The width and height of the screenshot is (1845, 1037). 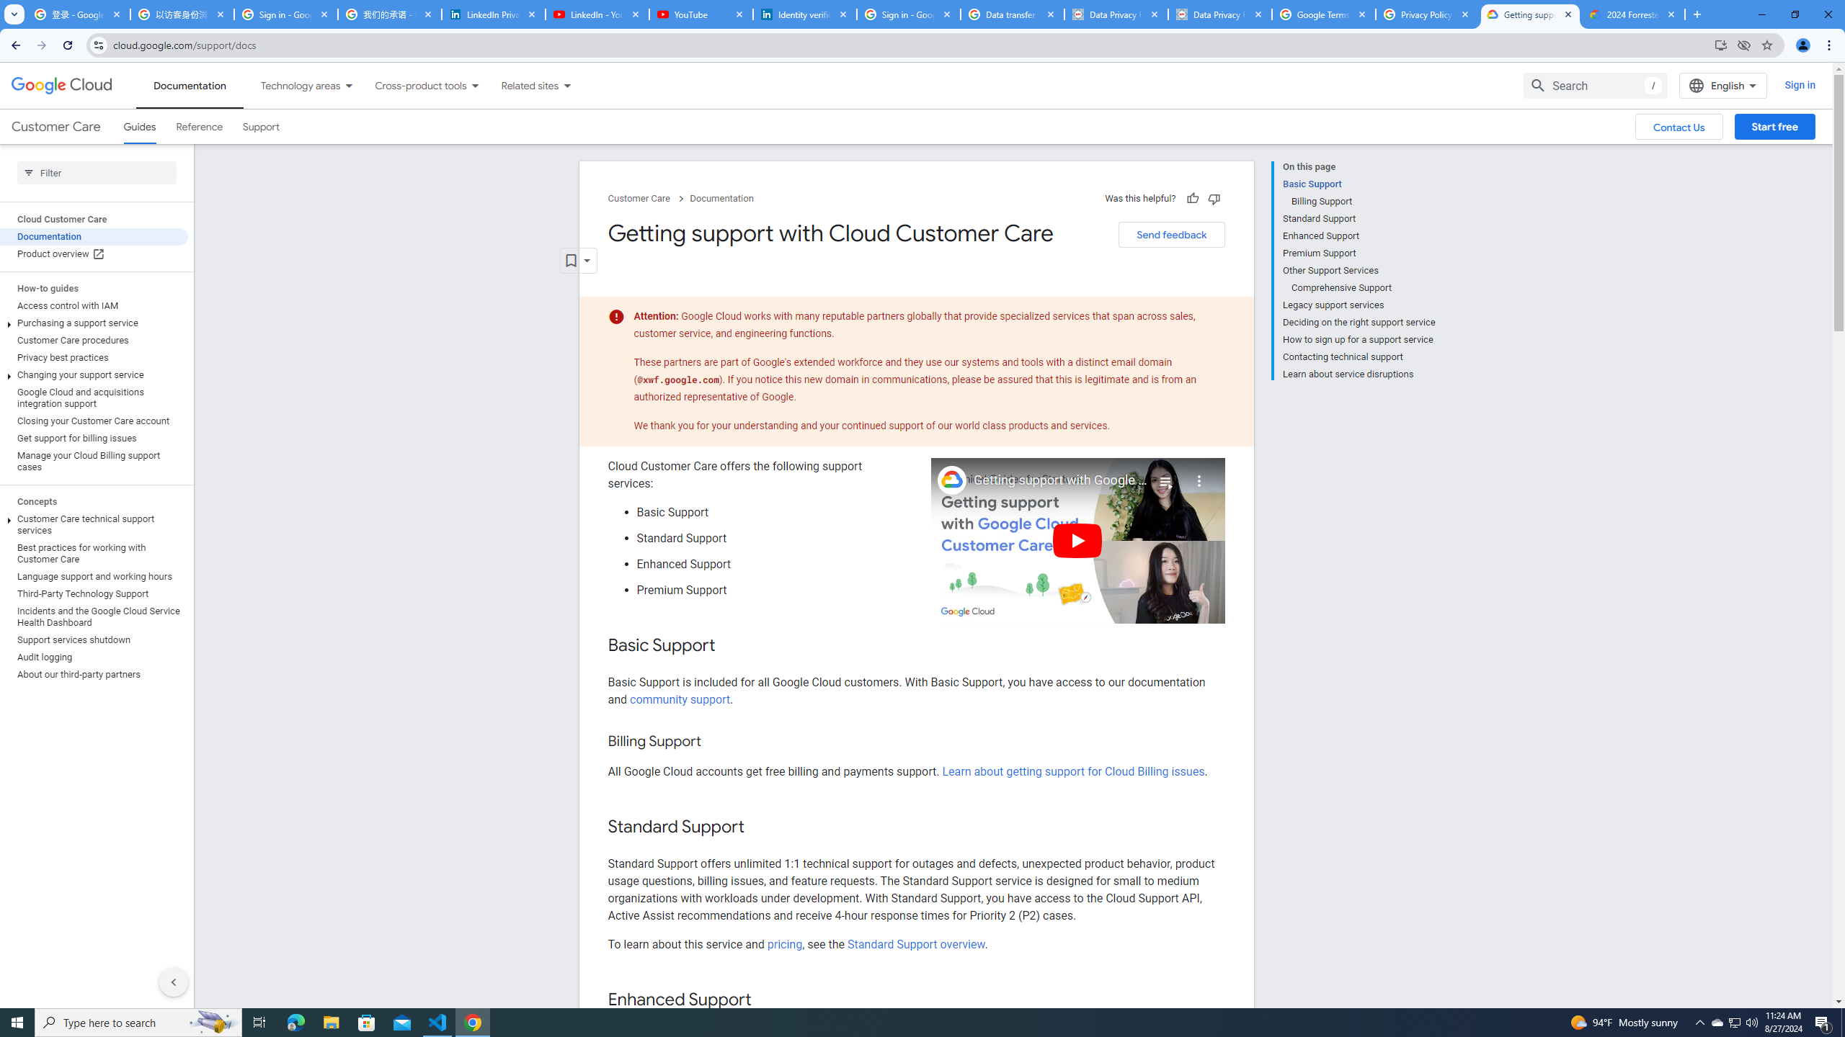 I want to click on 'Audit logging', so click(x=94, y=656).